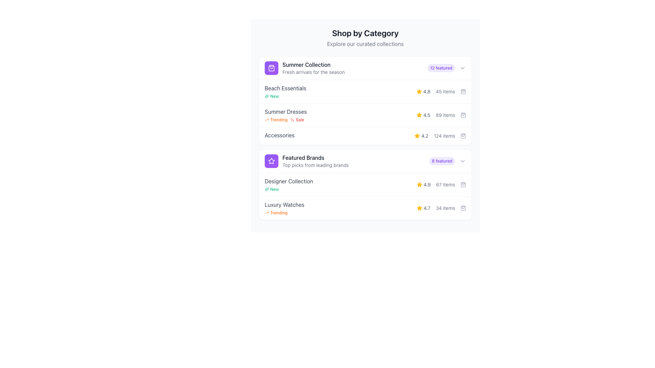 The image size is (655, 368). What do you see at coordinates (279, 135) in the screenshot?
I see `the text label displaying 'Accessories' which is styled with a dark gray color and changes to violet on hover. It is the third item in the vertical list under 'Summer Collection'` at bounding box center [279, 135].